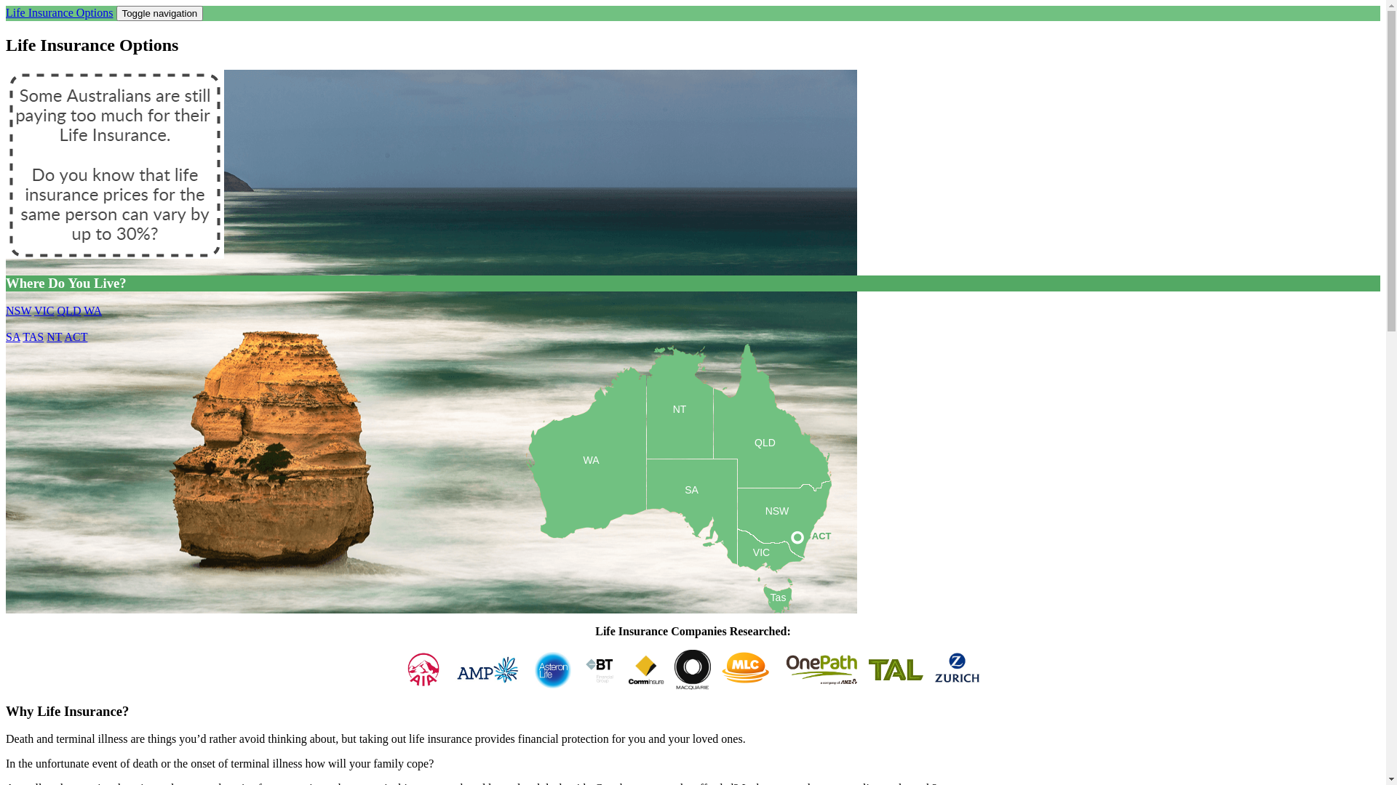  Describe the element at coordinates (777, 603) in the screenshot. I see `'Tas'` at that location.